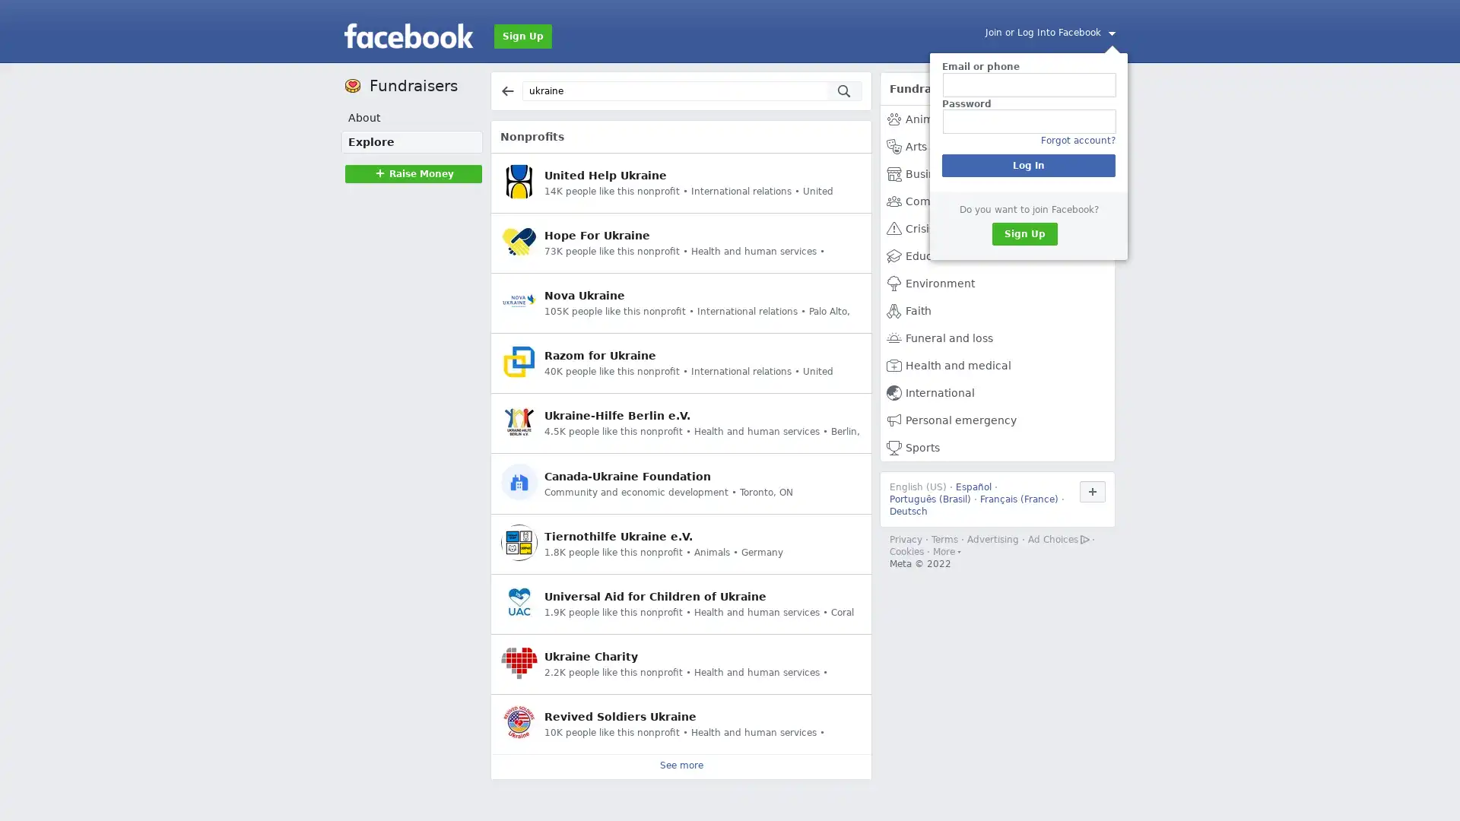 The image size is (1460, 821). What do you see at coordinates (1019, 499) in the screenshot?
I see `Francais (France)` at bounding box center [1019, 499].